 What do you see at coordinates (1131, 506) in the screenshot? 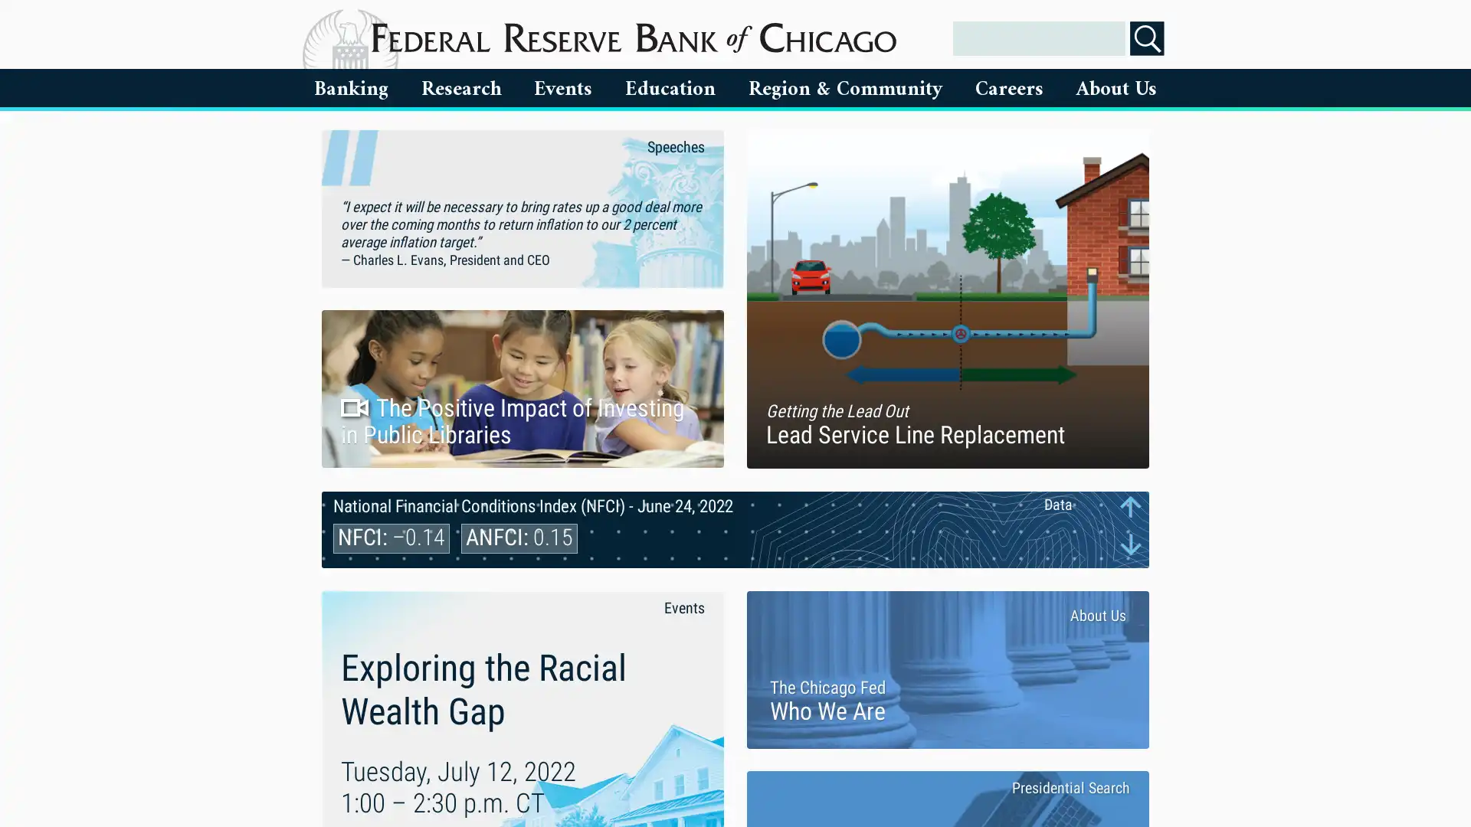
I see `Previous` at bounding box center [1131, 506].